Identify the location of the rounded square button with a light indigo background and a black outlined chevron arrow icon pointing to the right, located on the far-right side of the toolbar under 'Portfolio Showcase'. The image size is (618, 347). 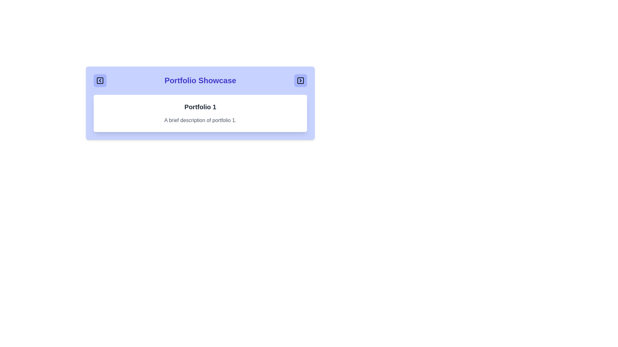
(300, 80).